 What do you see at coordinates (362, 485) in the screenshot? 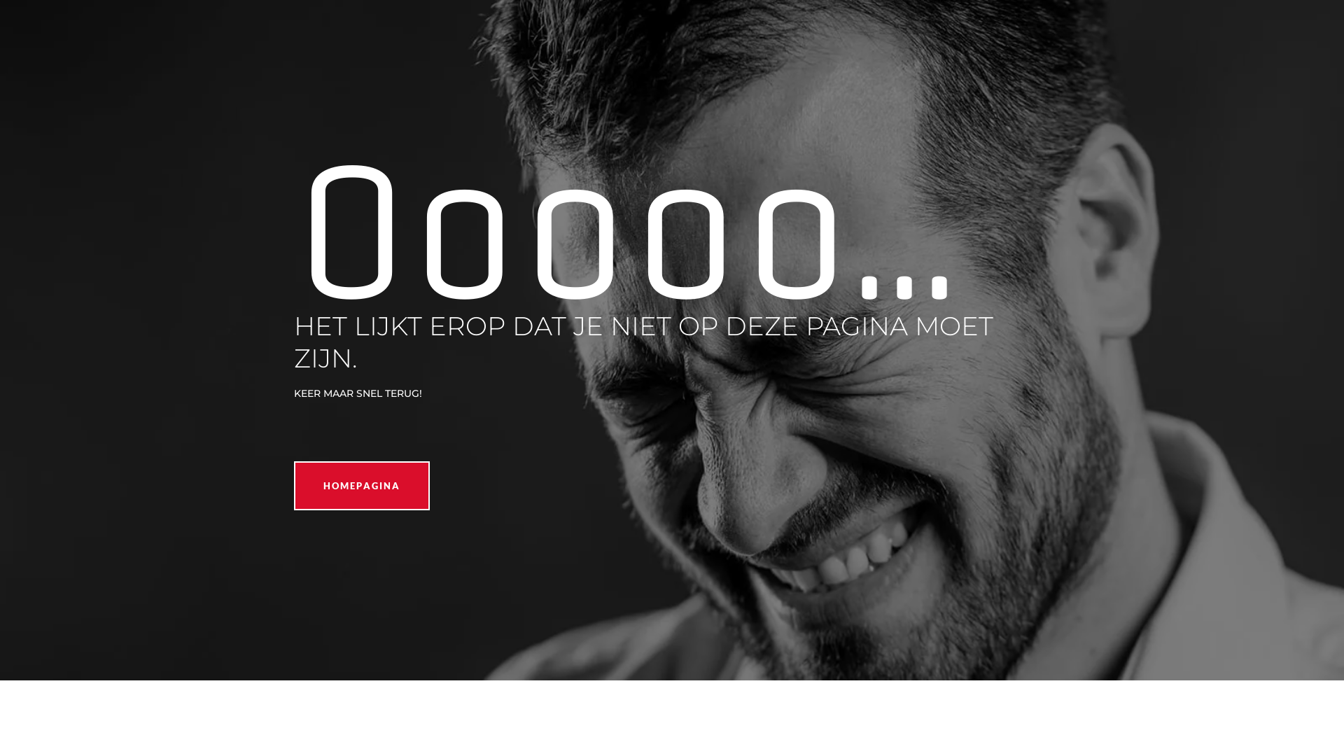
I see `'HOMEPAGINA'` at bounding box center [362, 485].